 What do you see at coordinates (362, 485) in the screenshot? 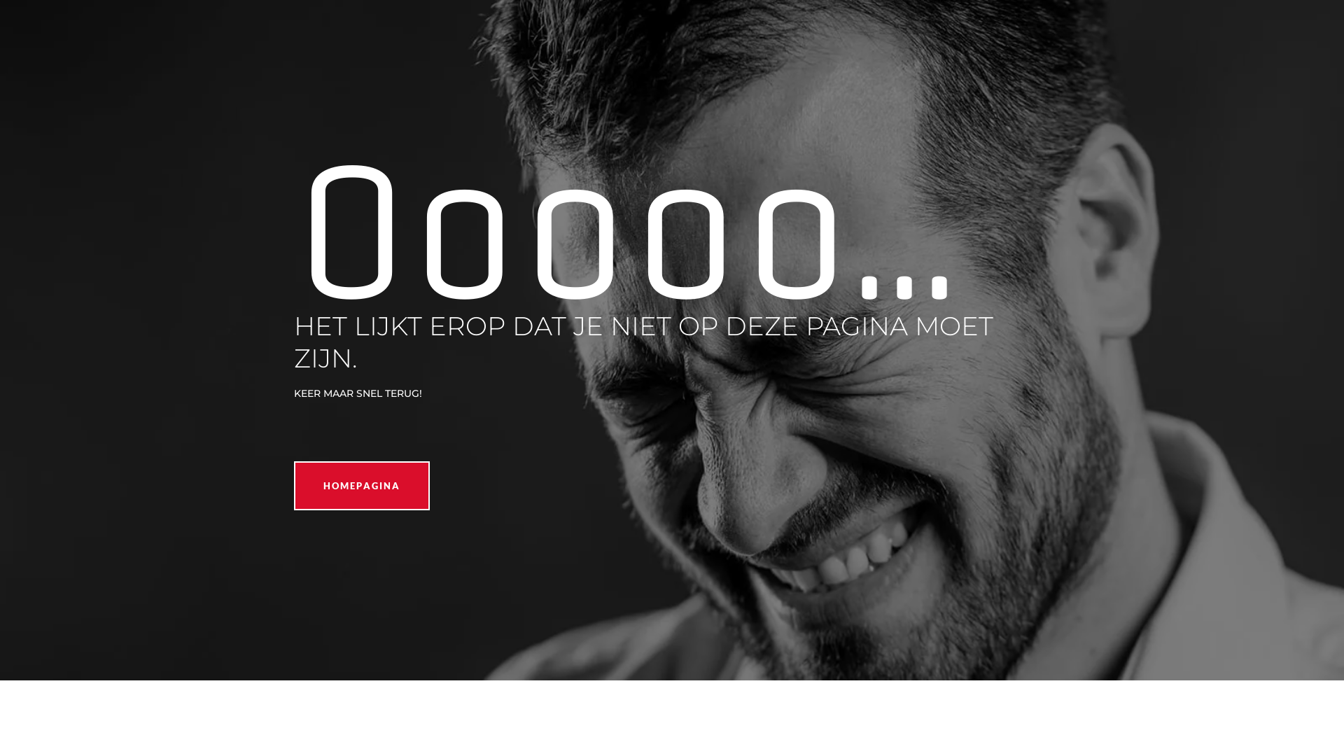
I see `'HOMEPAGINA'` at bounding box center [362, 485].